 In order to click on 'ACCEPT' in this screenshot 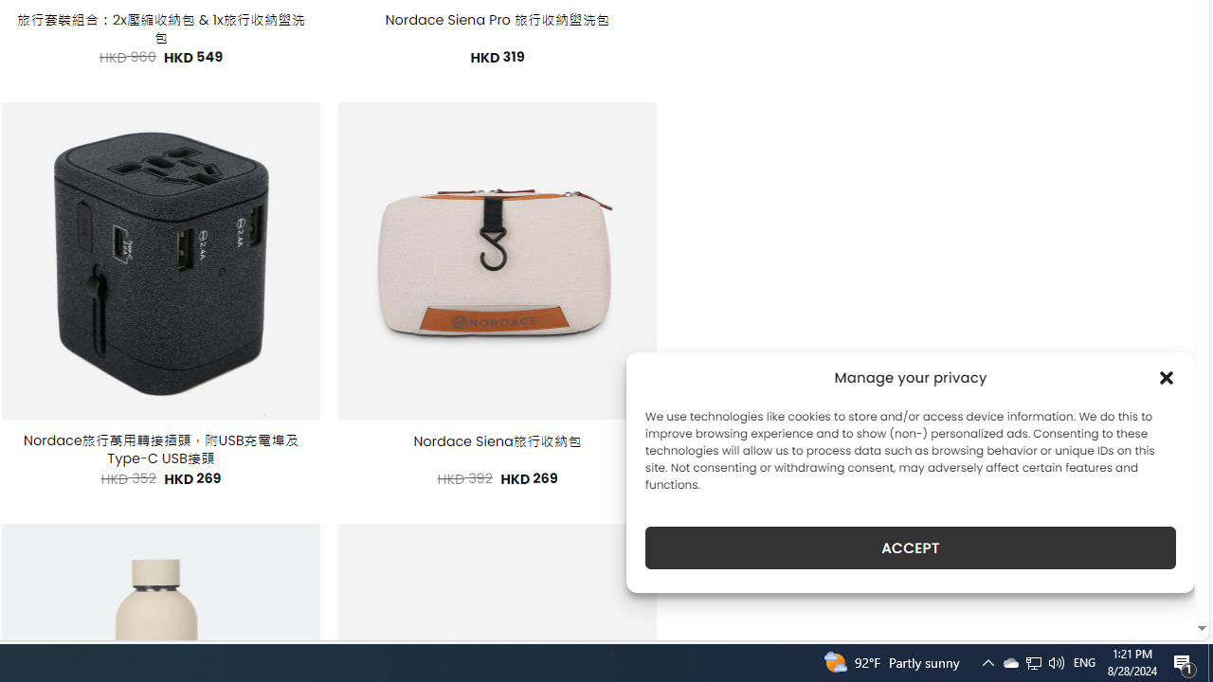, I will do `click(911, 547)`.